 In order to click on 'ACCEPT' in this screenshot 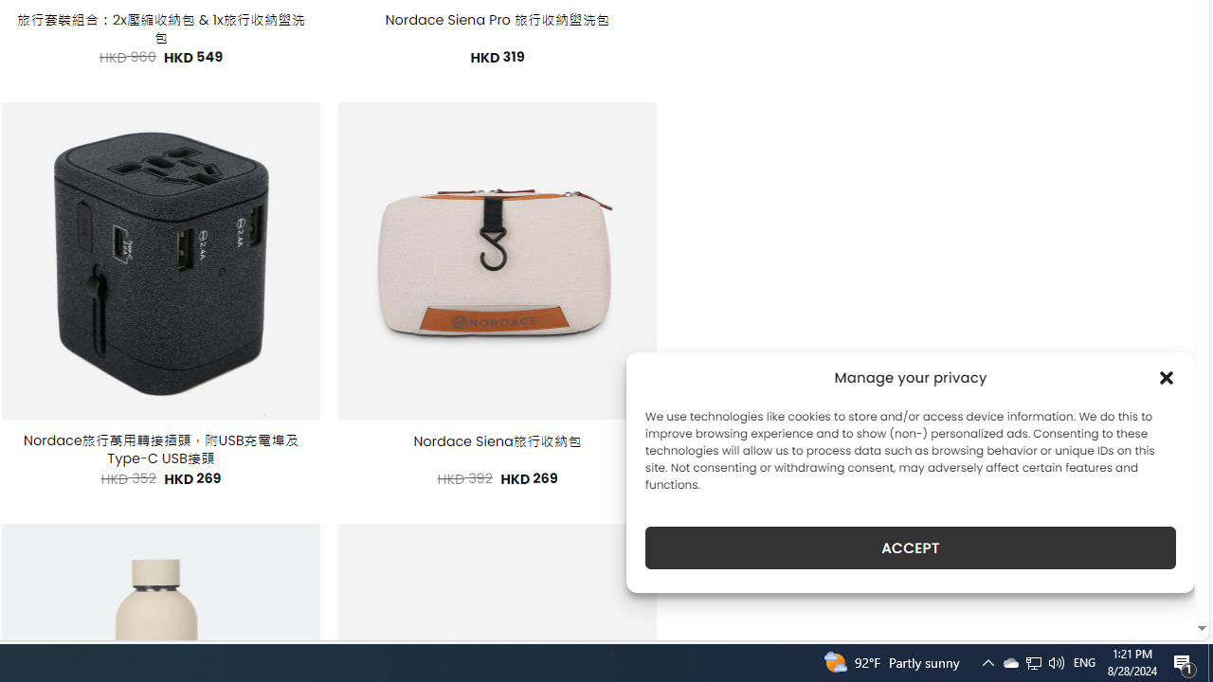, I will do `click(911, 547)`.